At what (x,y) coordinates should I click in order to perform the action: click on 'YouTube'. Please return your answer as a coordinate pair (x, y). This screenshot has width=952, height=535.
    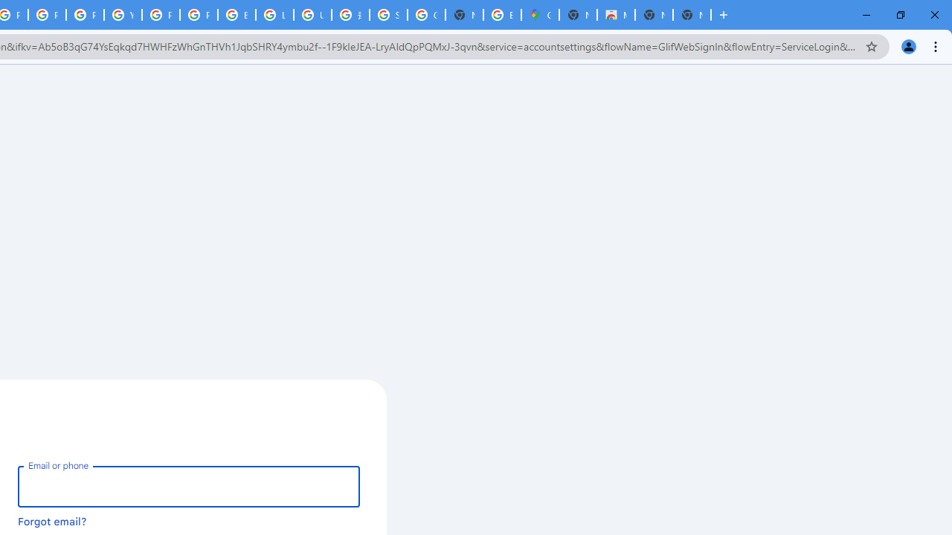
    Looking at the image, I should click on (123, 15).